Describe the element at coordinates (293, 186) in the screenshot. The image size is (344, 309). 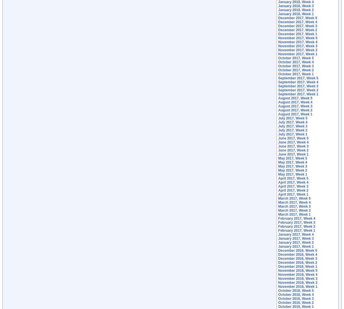
I see `'April 2017, Week 3'` at that location.